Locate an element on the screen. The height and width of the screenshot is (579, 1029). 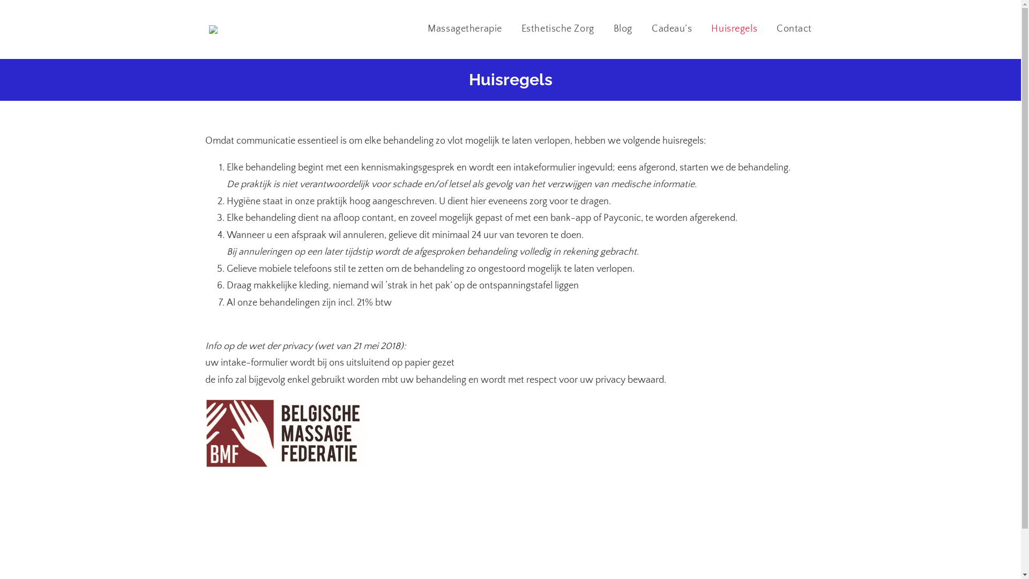
'Massagetherapie' is located at coordinates (465, 28).